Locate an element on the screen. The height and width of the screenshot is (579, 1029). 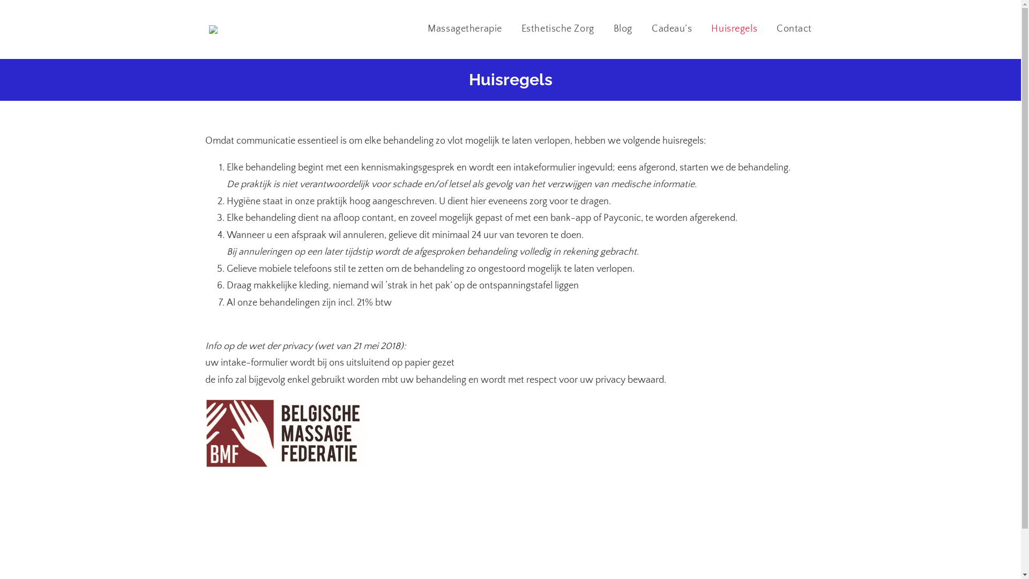
'Massagetherapie' is located at coordinates (465, 28).